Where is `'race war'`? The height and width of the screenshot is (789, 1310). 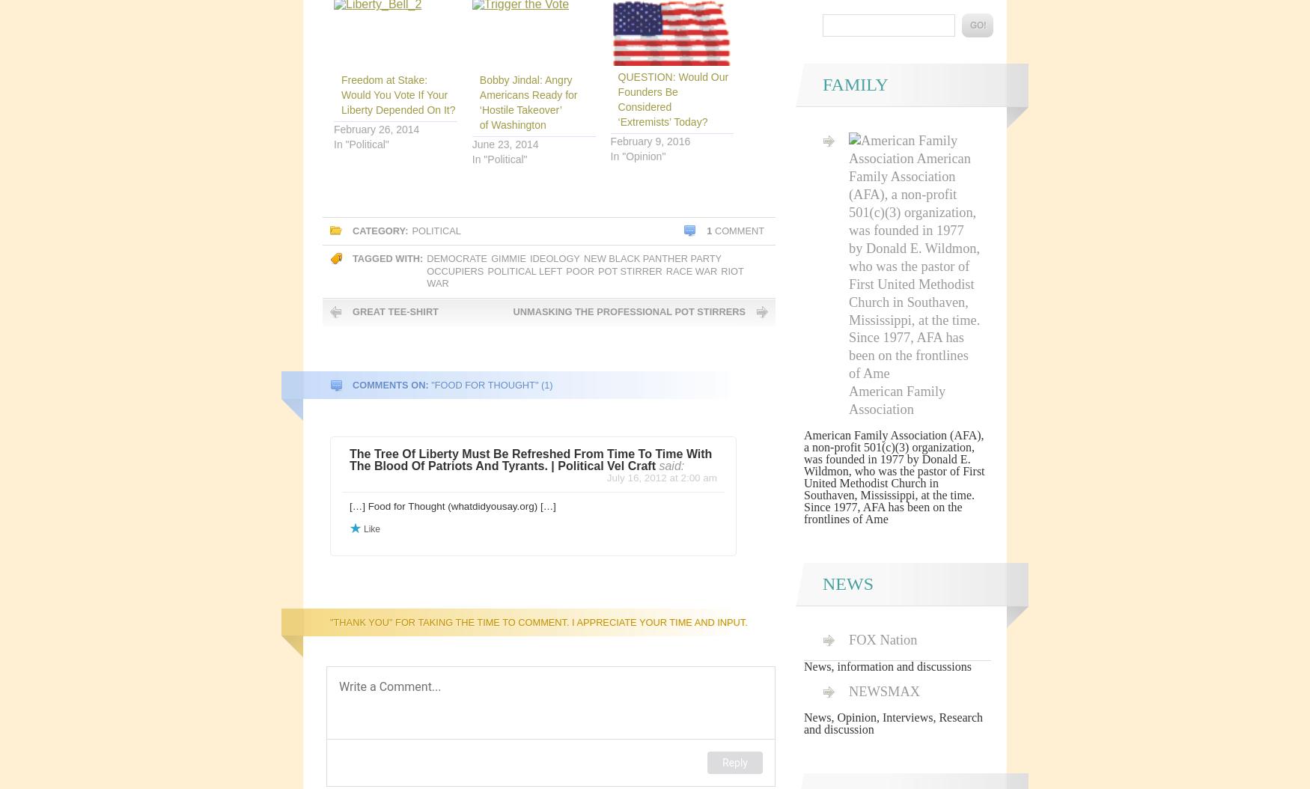
'race war' is located at coordinates (690, 270).